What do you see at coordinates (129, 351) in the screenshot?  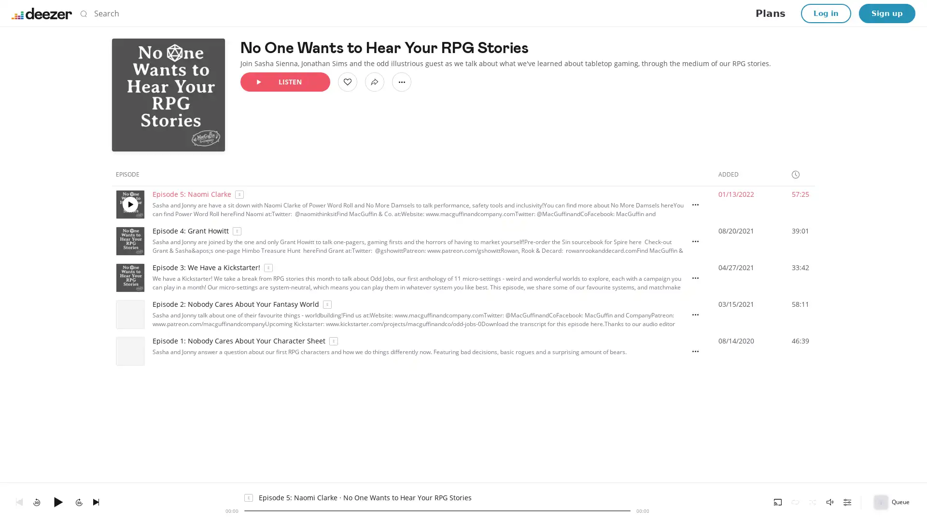 I see `Play Episode 1: Nobody Cares About Your Character Sheet by No One Wants to Hear Your RPG Stories` at bounding box center [129, 351].